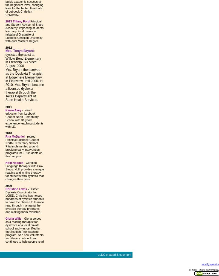 Image resolution: width=219 pixels, height=276 pixels. I want to click on '2011', so click(5, 106).